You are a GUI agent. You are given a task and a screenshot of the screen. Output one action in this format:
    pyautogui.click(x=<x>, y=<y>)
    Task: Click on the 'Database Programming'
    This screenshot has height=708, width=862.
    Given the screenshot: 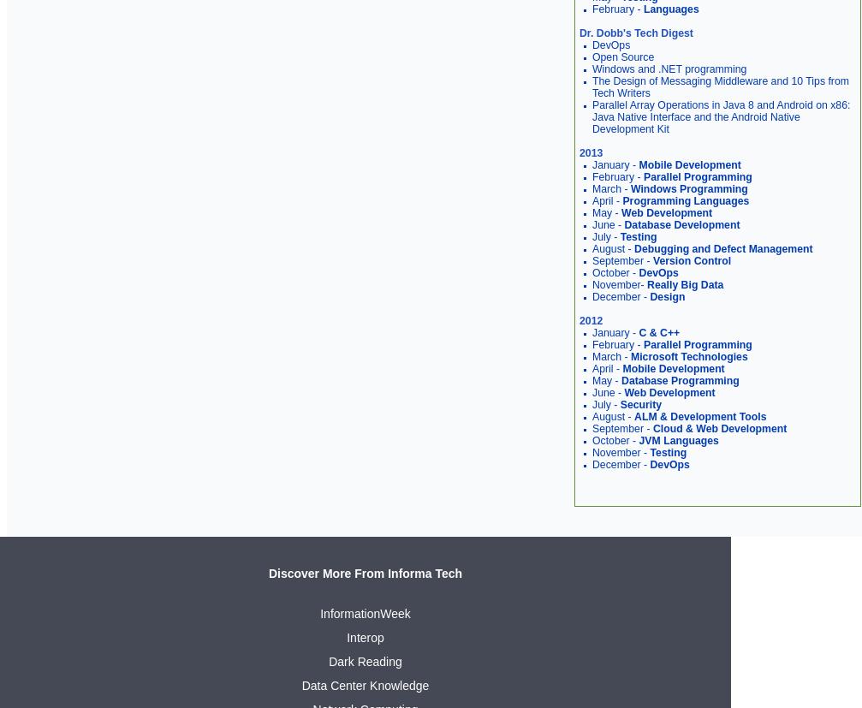 What is the action you would take?
    pyautogui.click(x=621, y=379)
    